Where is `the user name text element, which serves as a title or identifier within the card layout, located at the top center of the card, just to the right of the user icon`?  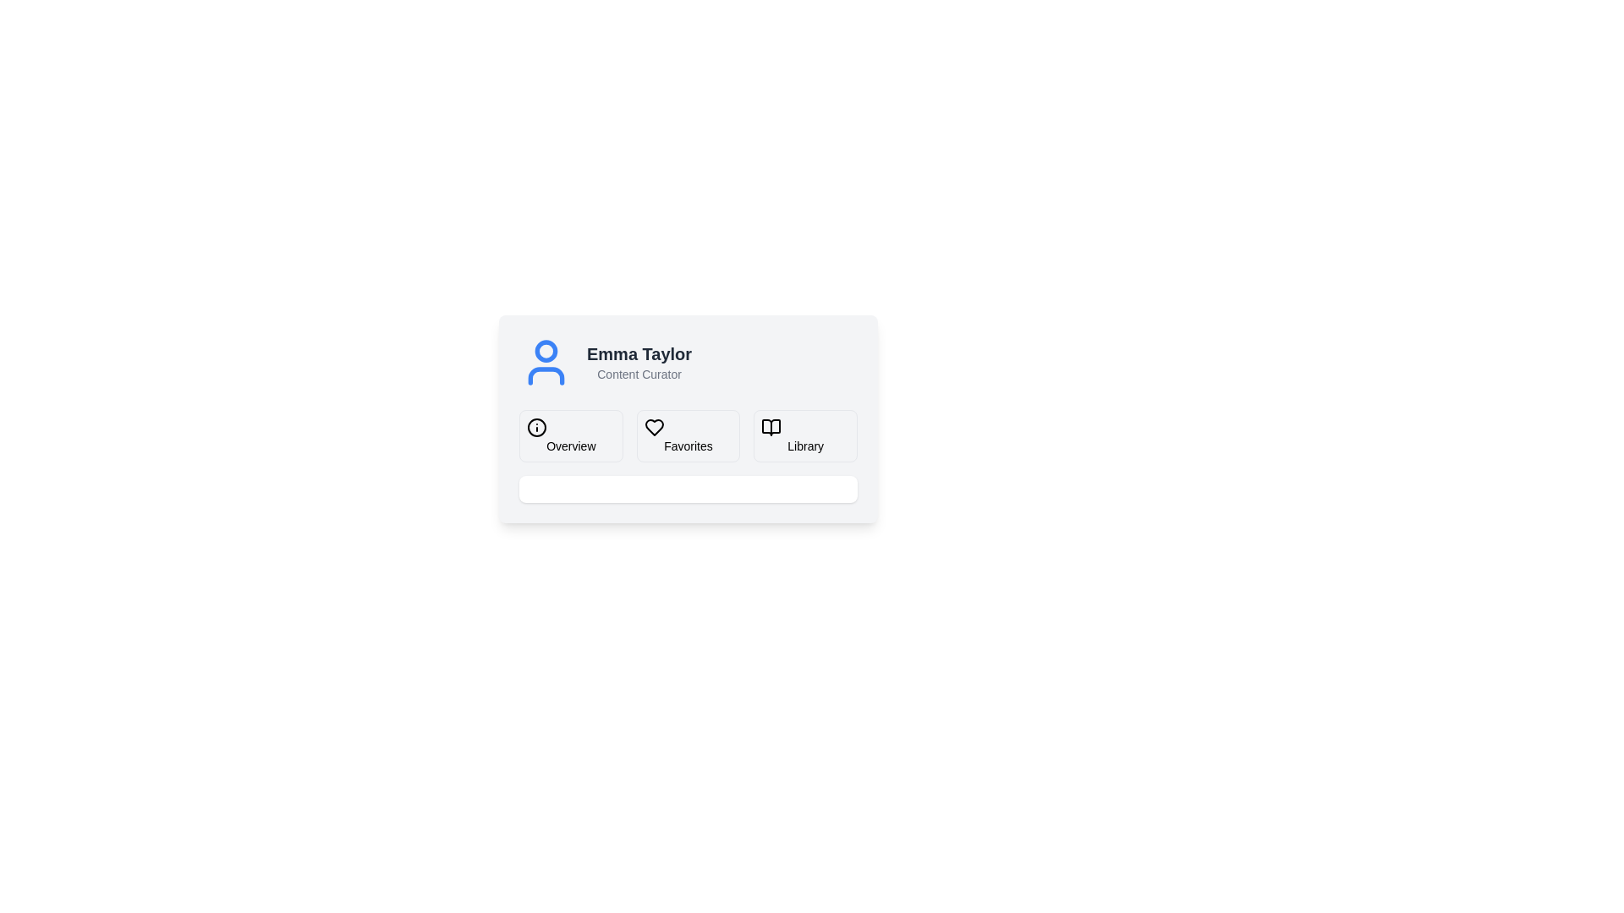
the user name text element, which serves as a title or identifier within the card layout, located at the top center of the card, just to the right of the user icon is located at coordinates (639, 353).